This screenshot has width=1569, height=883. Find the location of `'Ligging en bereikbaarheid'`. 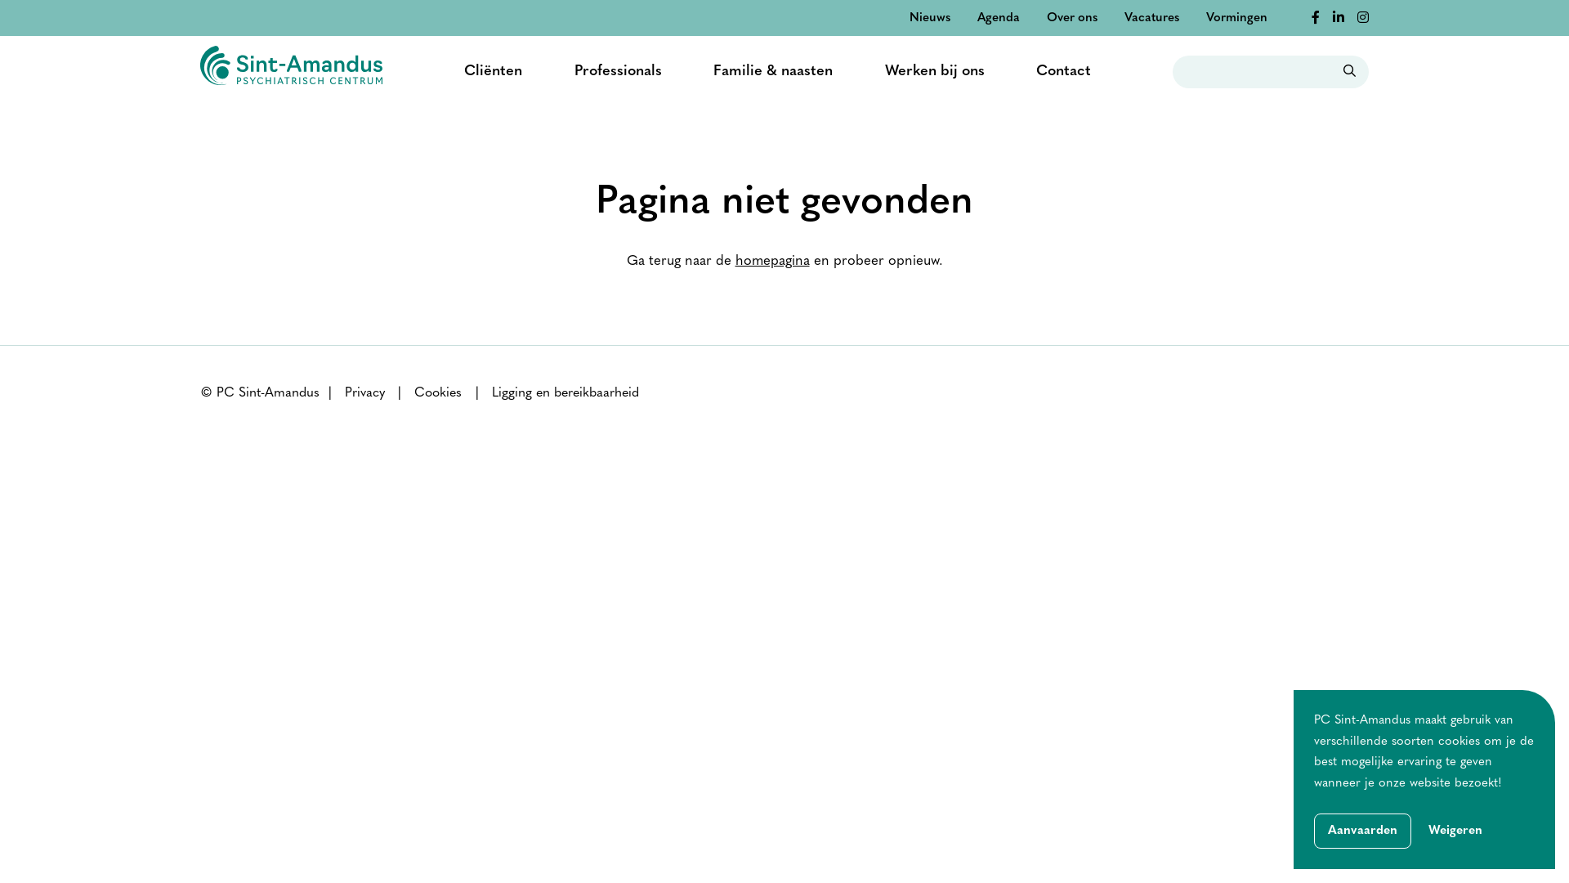

'Ligging en bereikbaarheid' is located at coordinates (565, 393).